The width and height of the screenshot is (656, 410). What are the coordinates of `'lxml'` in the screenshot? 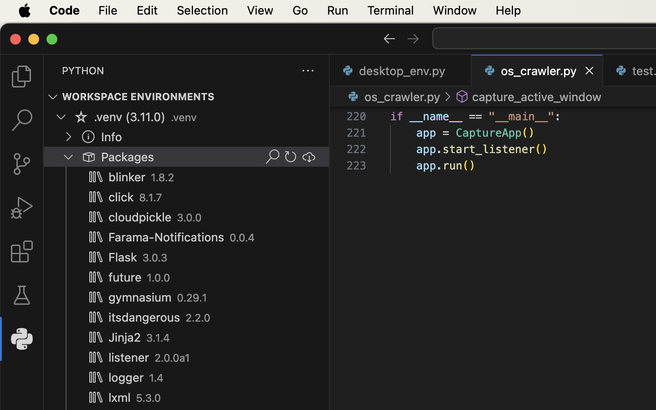 It's located at (119, 398).